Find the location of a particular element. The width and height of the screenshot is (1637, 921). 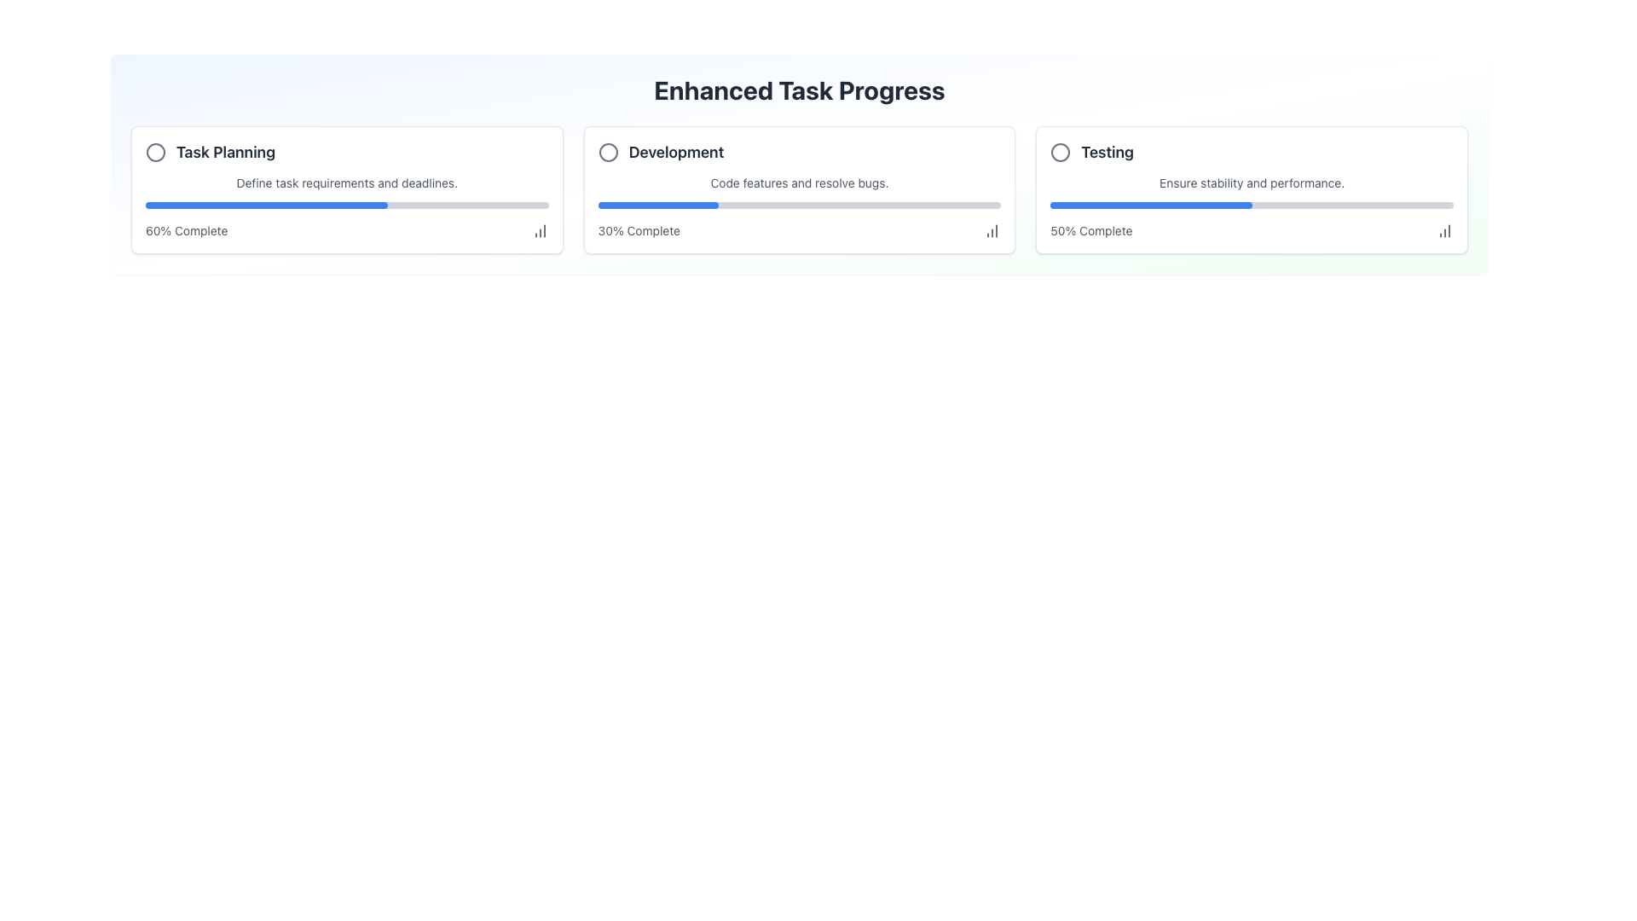

the progress bar segment that represents 60% completion within the 'Task Planning' card is located at coordinates (265, 204).